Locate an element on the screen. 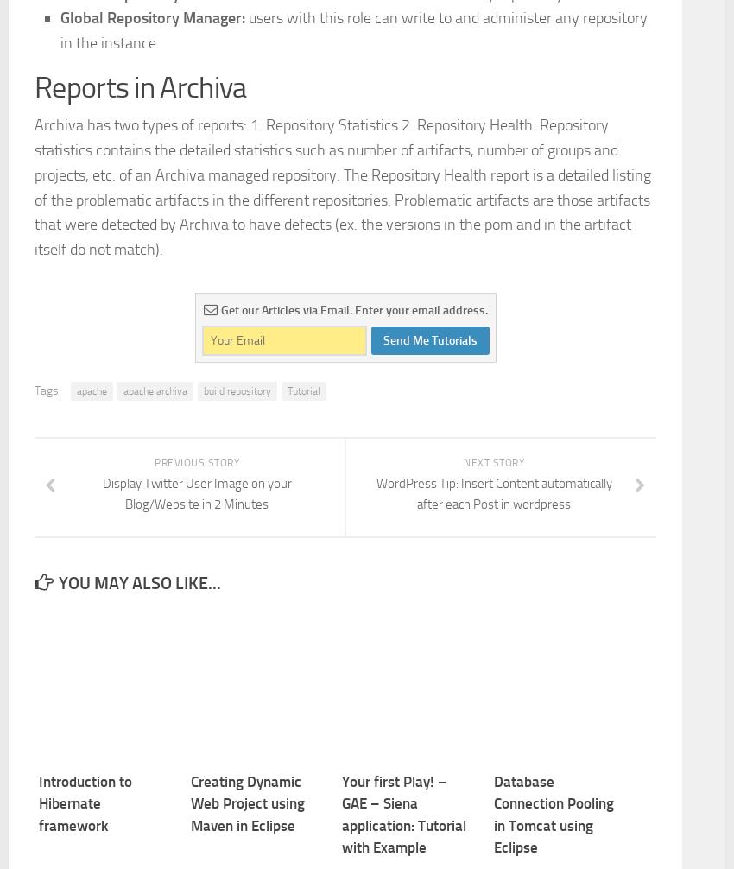 This screenshot has height=869, width=734. 'users with this role can write to and administer any repository in the instance.' is located at coordinates (354, 271).